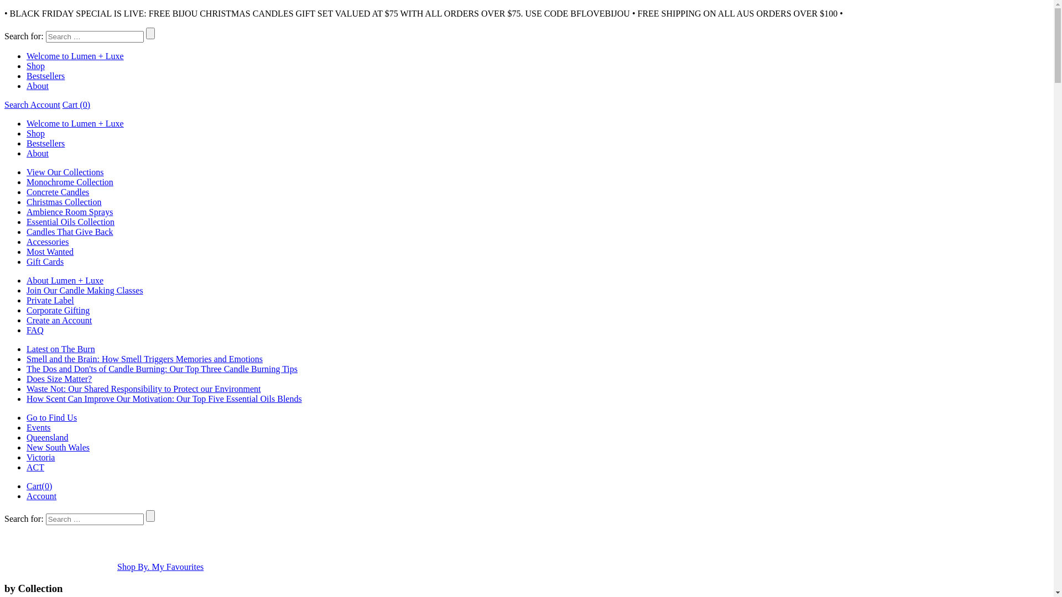 Image resolution: width=1062 pixels, height=597 pixels. What do you see at coordinates (76, 104) in the screenshot?
I see `'Cart (0)'` at bounding box center [76, 104].